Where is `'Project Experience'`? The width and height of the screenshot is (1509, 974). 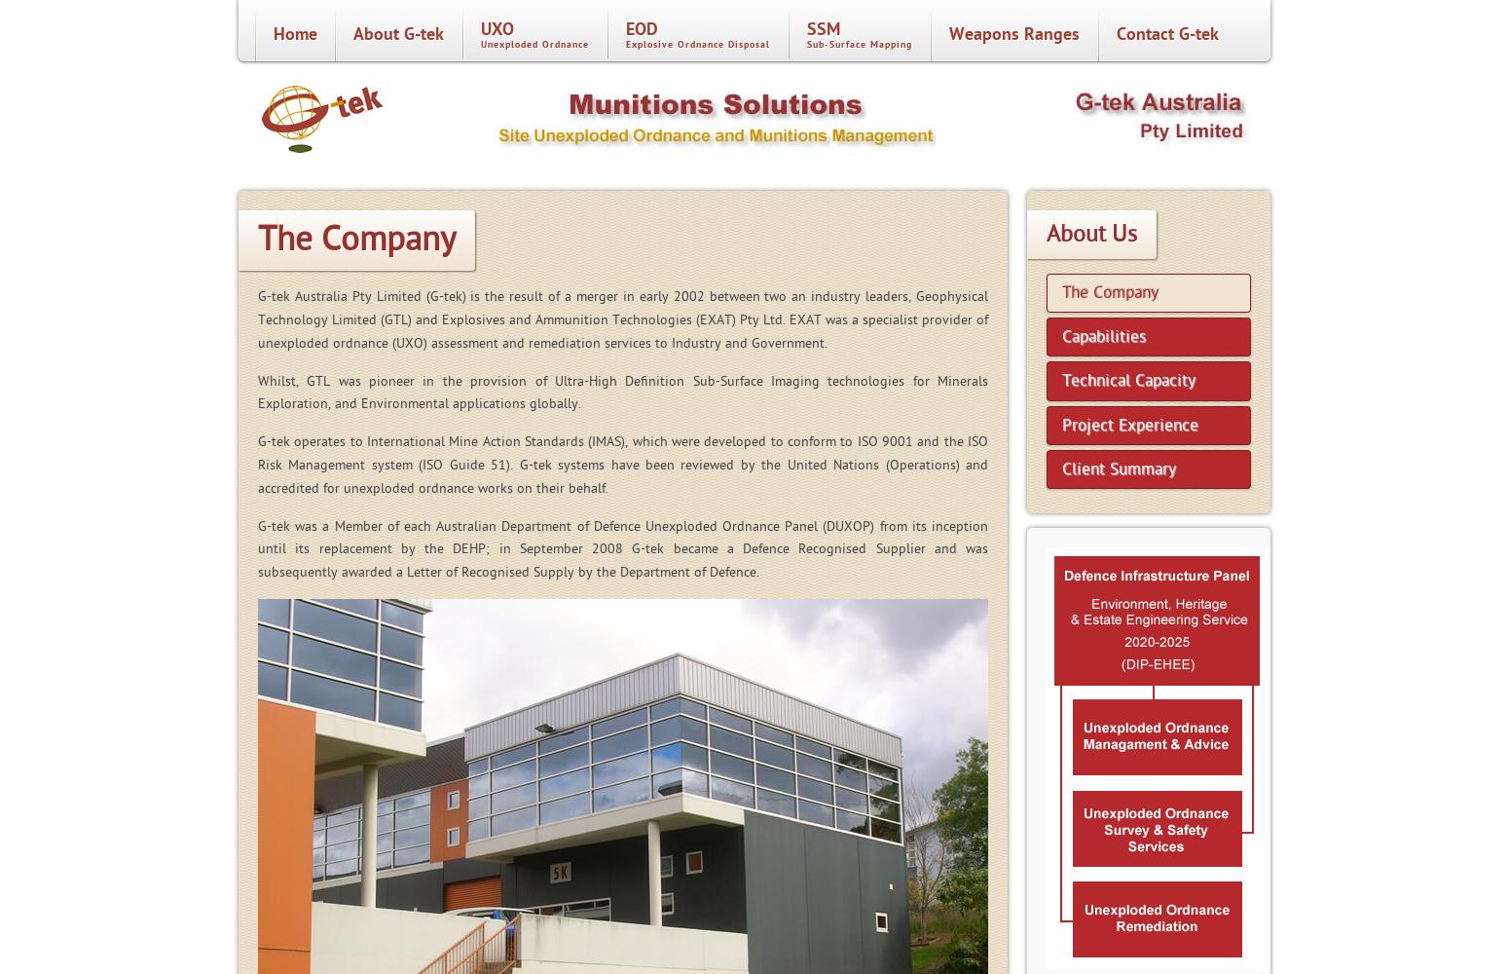 'Project Experience' is located at coordinates (1128, 424).